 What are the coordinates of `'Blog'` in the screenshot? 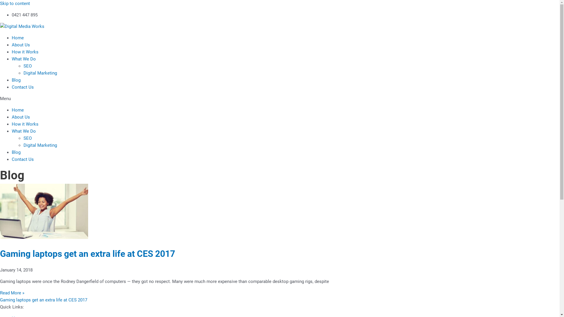 It's located at (16, 152).